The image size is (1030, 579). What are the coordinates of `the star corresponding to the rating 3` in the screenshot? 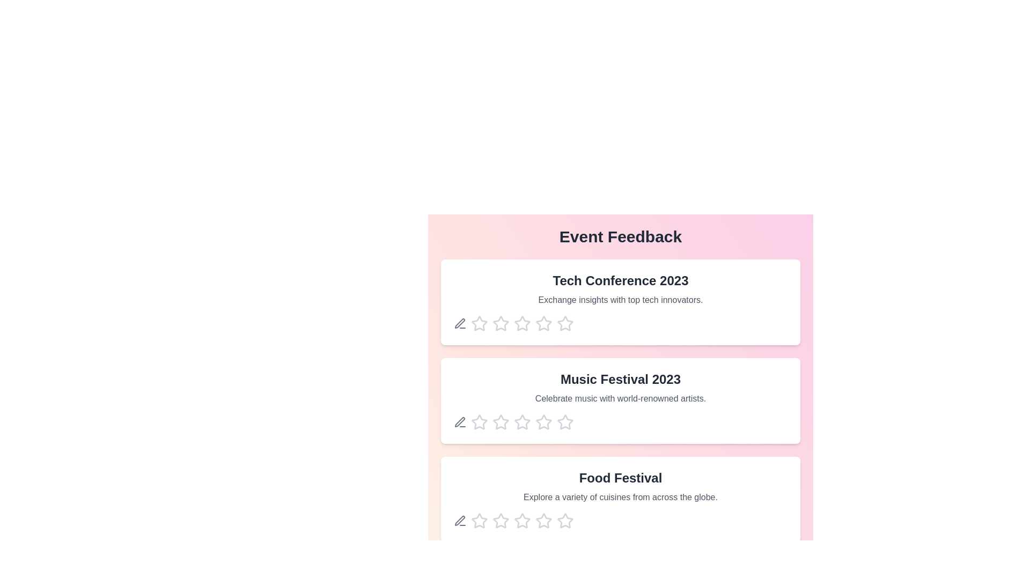 It's located at (523, 323).